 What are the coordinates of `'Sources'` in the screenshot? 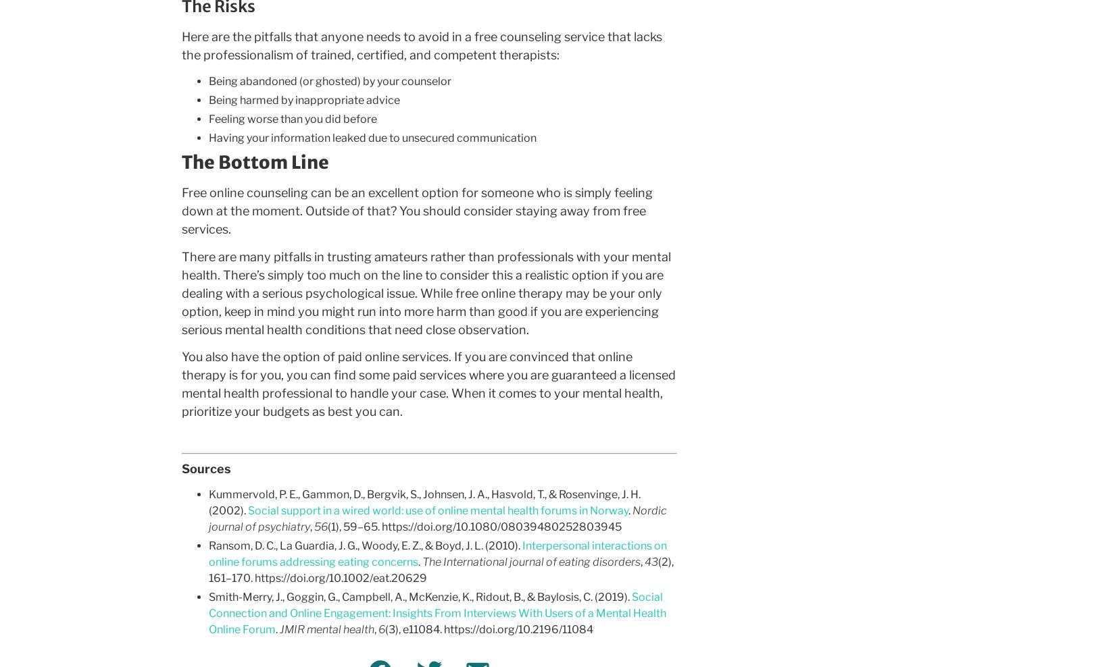 It's located at (205, 468).